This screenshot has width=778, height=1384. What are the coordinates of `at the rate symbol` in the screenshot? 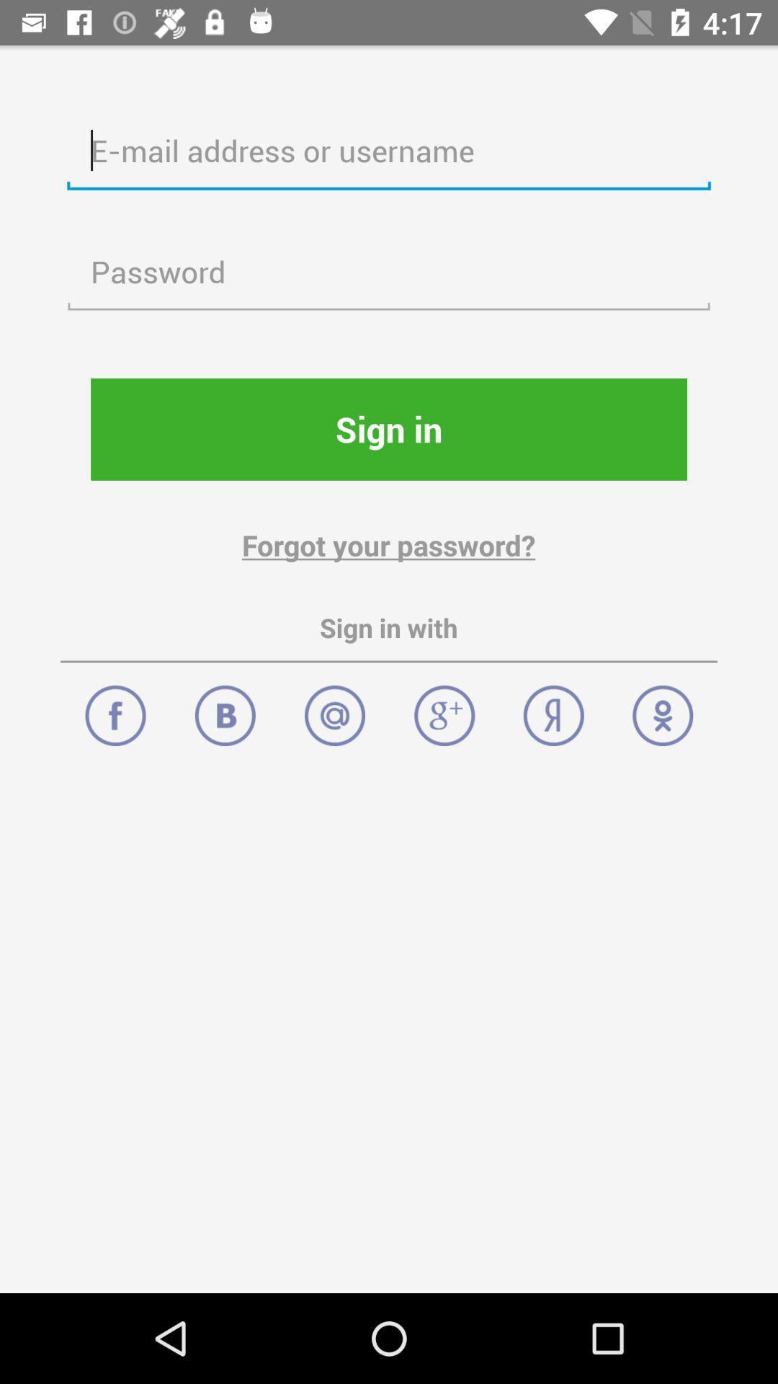 It's located at (335, 708).